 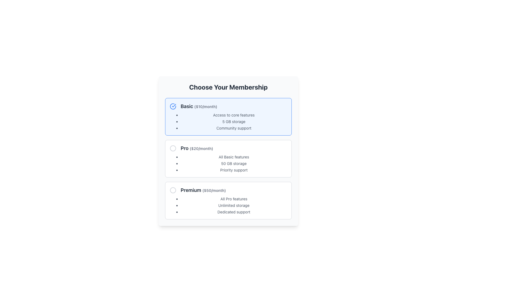 What do you see at coordinates (234, 206) in the screenshot?
I see `the text label displaying 'Unlimited storage' in gray font, which is the second item in the bulleted list of the 'Premium ($50/month)' feature description panel` at bounding box center [234, 206].